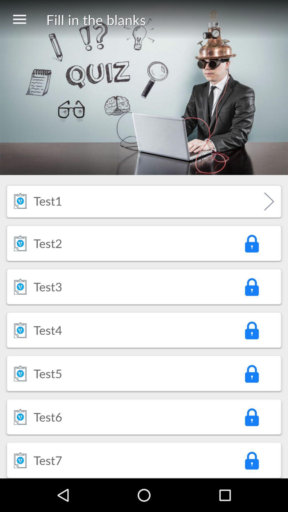 This screenshot has width=288, height=512. I want to click on icon below the test2, so click(47, 286).